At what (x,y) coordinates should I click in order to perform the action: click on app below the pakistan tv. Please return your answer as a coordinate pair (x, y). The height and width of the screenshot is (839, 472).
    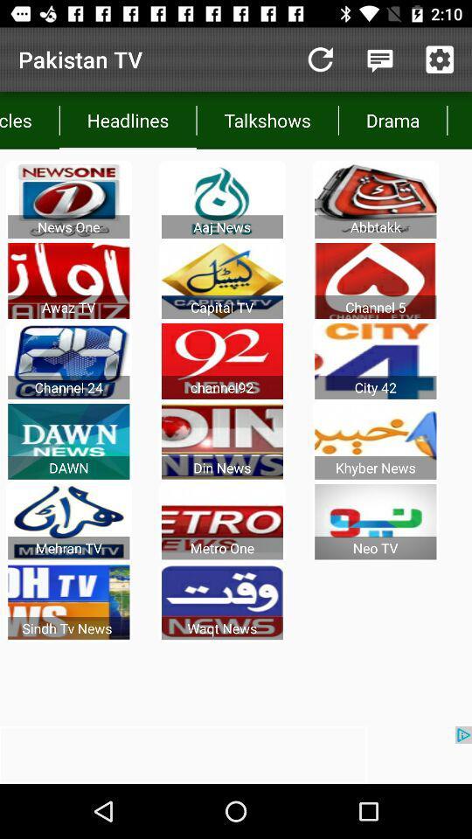
    Looking at the image, I should click on (127, 119).